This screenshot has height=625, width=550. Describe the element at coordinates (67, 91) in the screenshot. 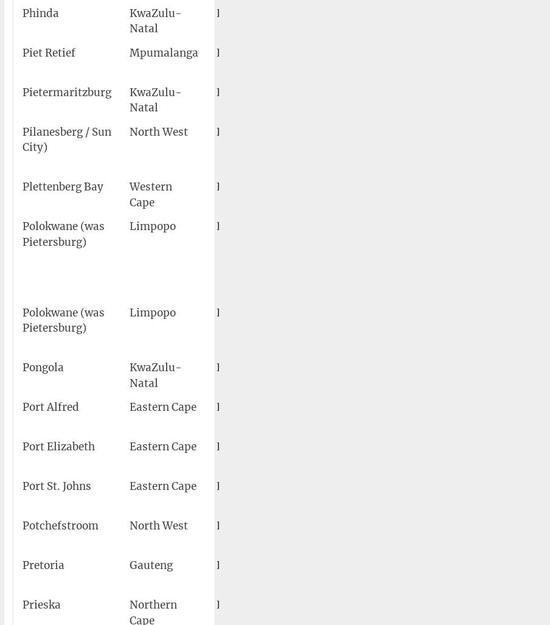

I see `'Pietermaritzburg'` at that location.